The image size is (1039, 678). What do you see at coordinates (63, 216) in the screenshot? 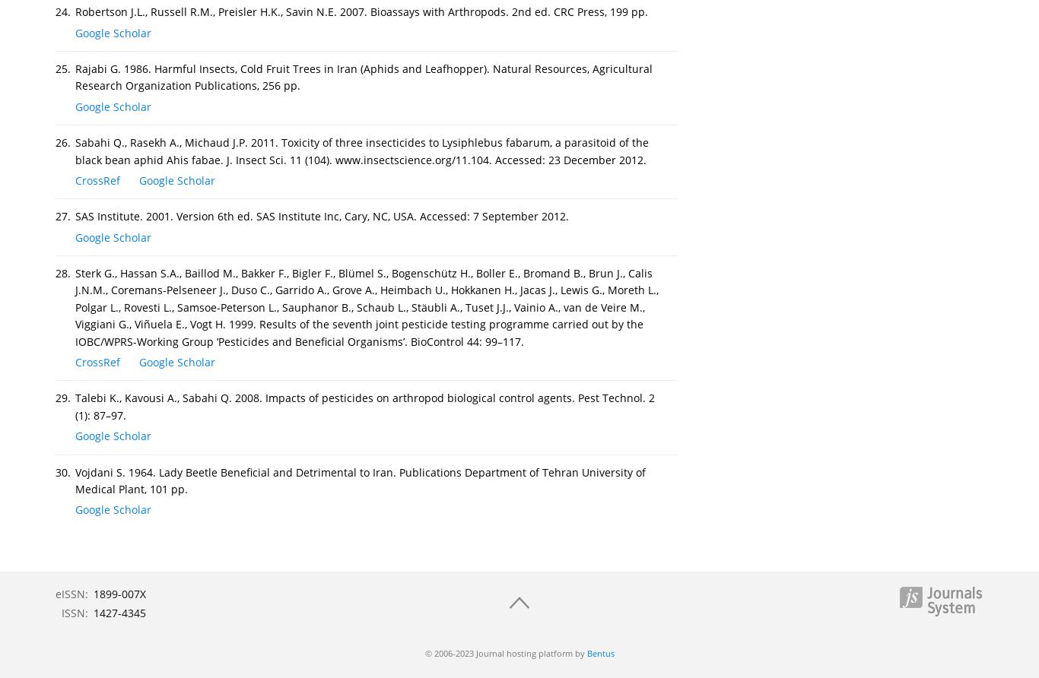
I see `'27.'` at bounding box center [63, 216].